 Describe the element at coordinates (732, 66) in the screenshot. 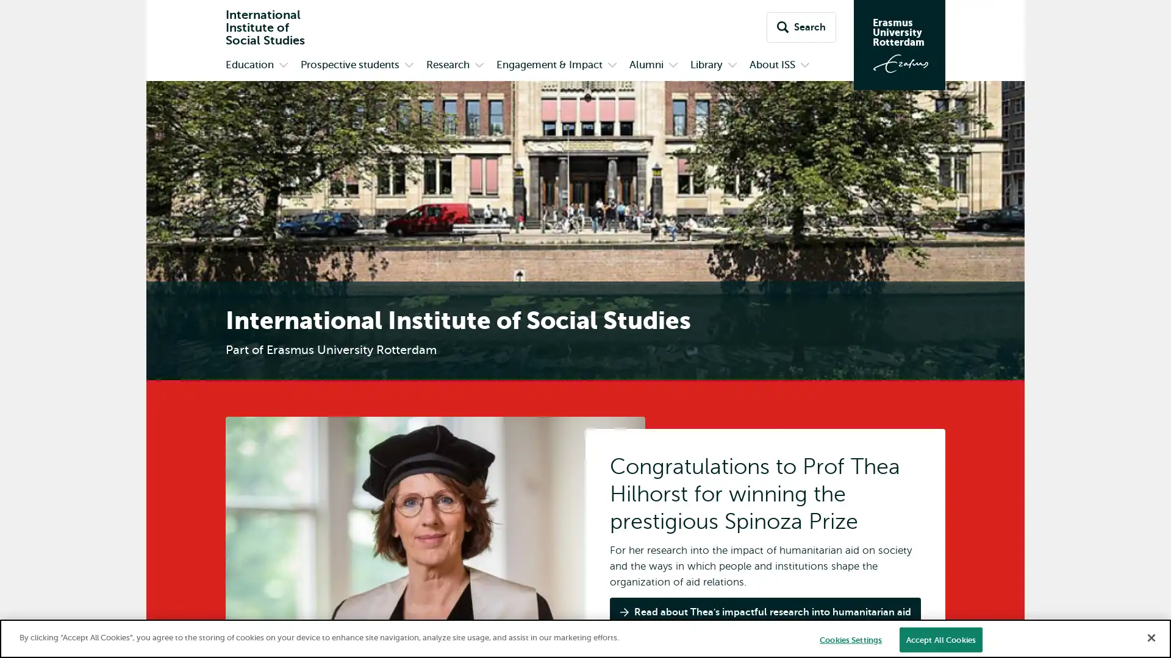

I see `Open submenu` at that location.